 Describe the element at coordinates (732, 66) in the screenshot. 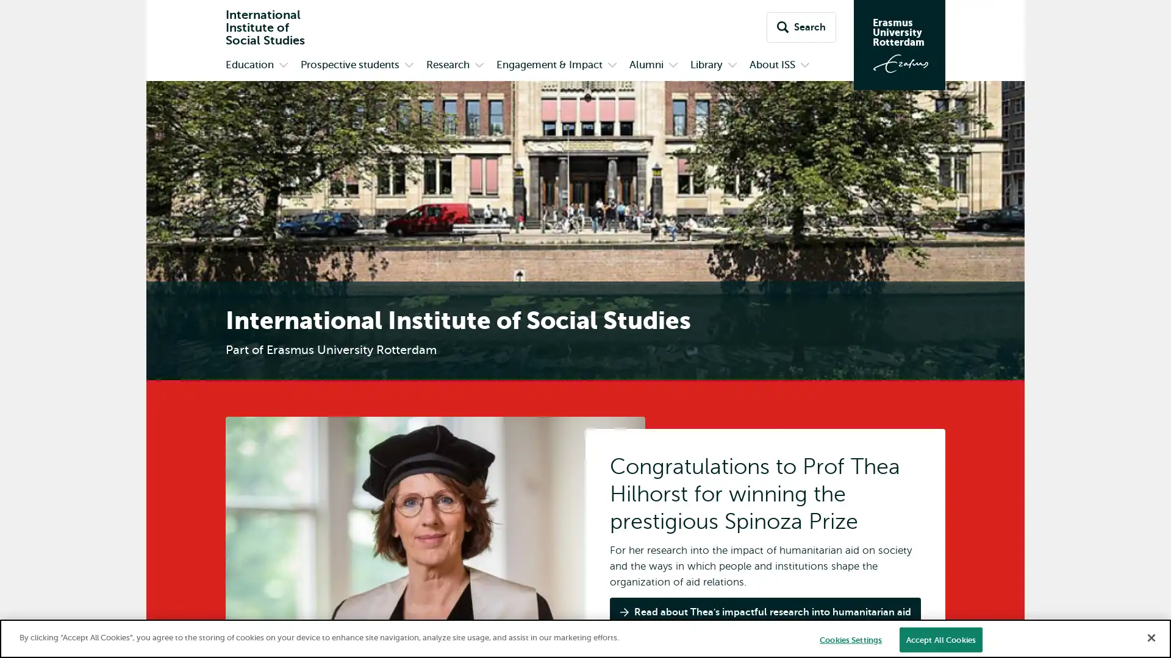

I see `Open submenu` at that location.